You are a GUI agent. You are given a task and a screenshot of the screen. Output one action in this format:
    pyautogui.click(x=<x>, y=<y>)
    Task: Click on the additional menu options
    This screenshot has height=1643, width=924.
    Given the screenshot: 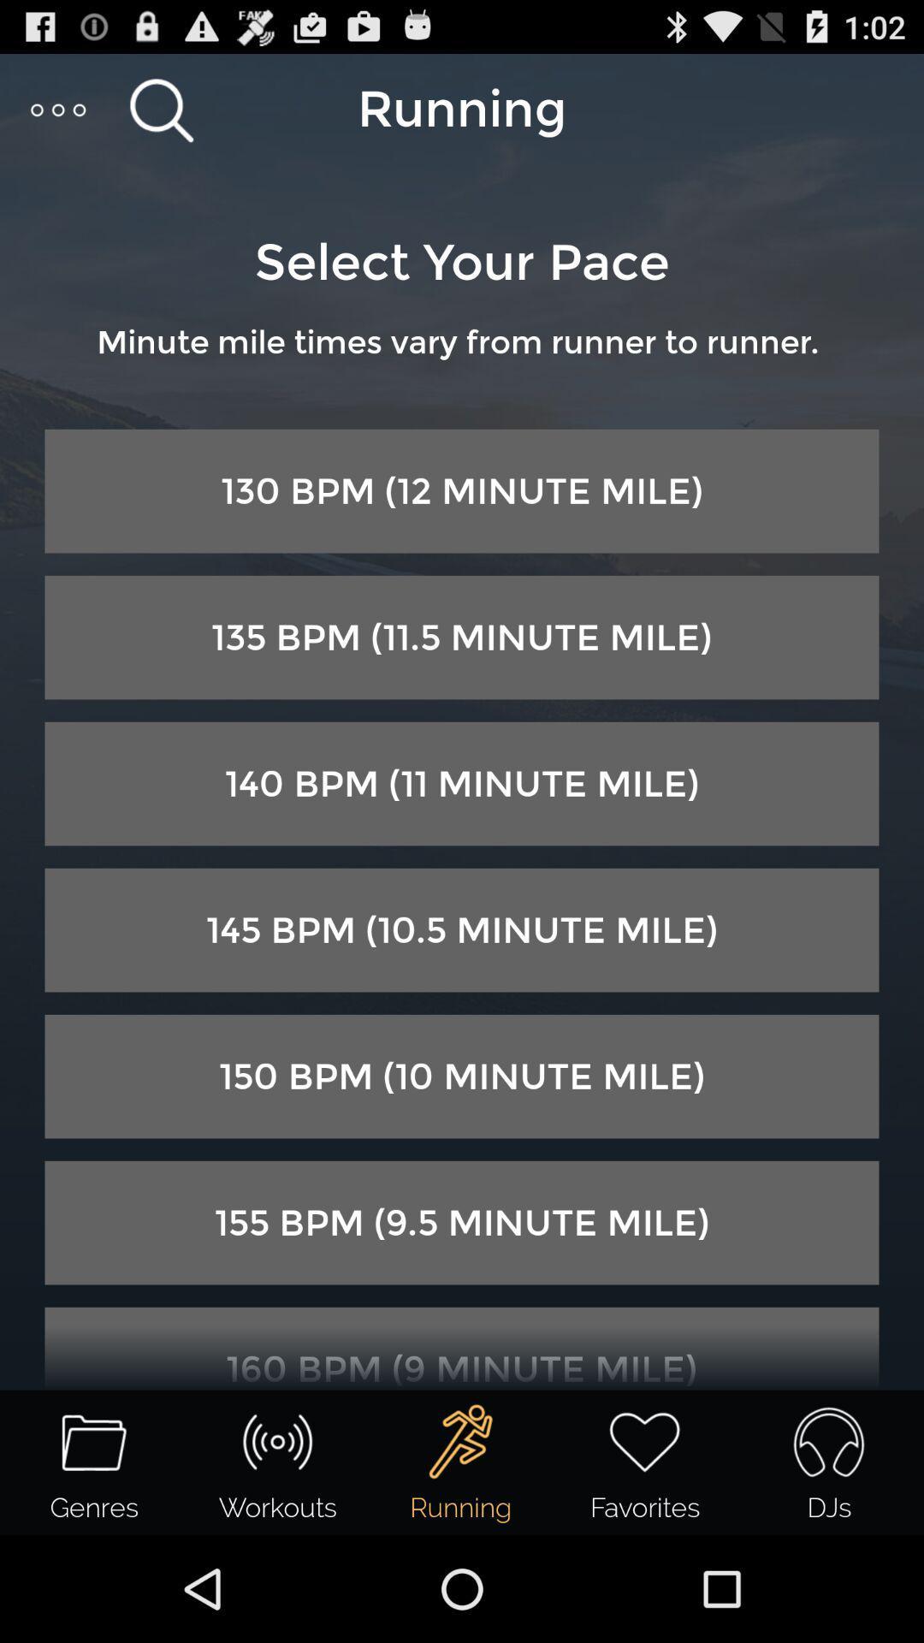 What is the action you would take?
    pyautogui.click(x=58, y=109)
    